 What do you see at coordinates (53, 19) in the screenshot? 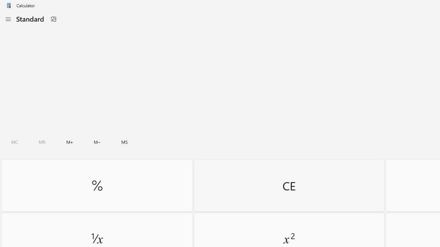
I see `'Keep on top'` at bounding box center [53, 19].